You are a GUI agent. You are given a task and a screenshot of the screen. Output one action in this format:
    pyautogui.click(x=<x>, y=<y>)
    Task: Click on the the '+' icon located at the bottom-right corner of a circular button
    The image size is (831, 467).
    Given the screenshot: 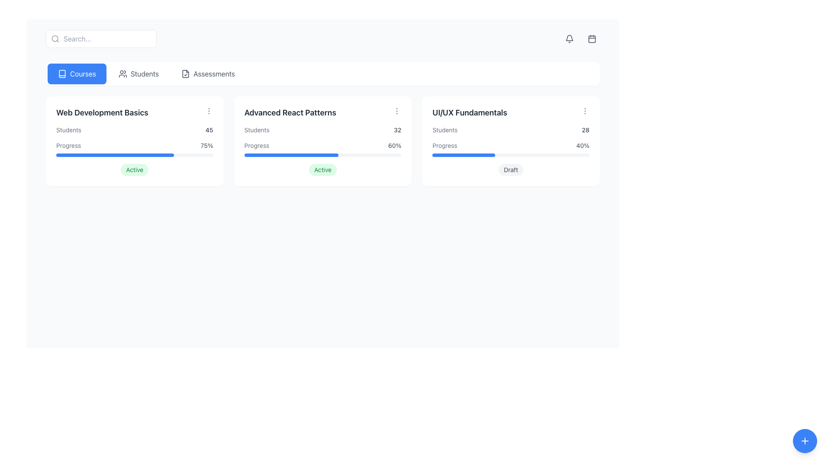 What is the action you would take?
    pyautogui.click(x=805, y=441)
    